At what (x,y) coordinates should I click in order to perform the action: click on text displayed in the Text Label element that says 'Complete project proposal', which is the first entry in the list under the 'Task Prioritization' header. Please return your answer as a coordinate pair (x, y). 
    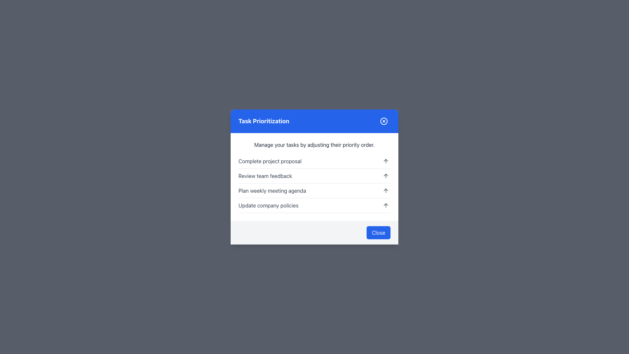
    Looking at the image, I should click on (270, 161).